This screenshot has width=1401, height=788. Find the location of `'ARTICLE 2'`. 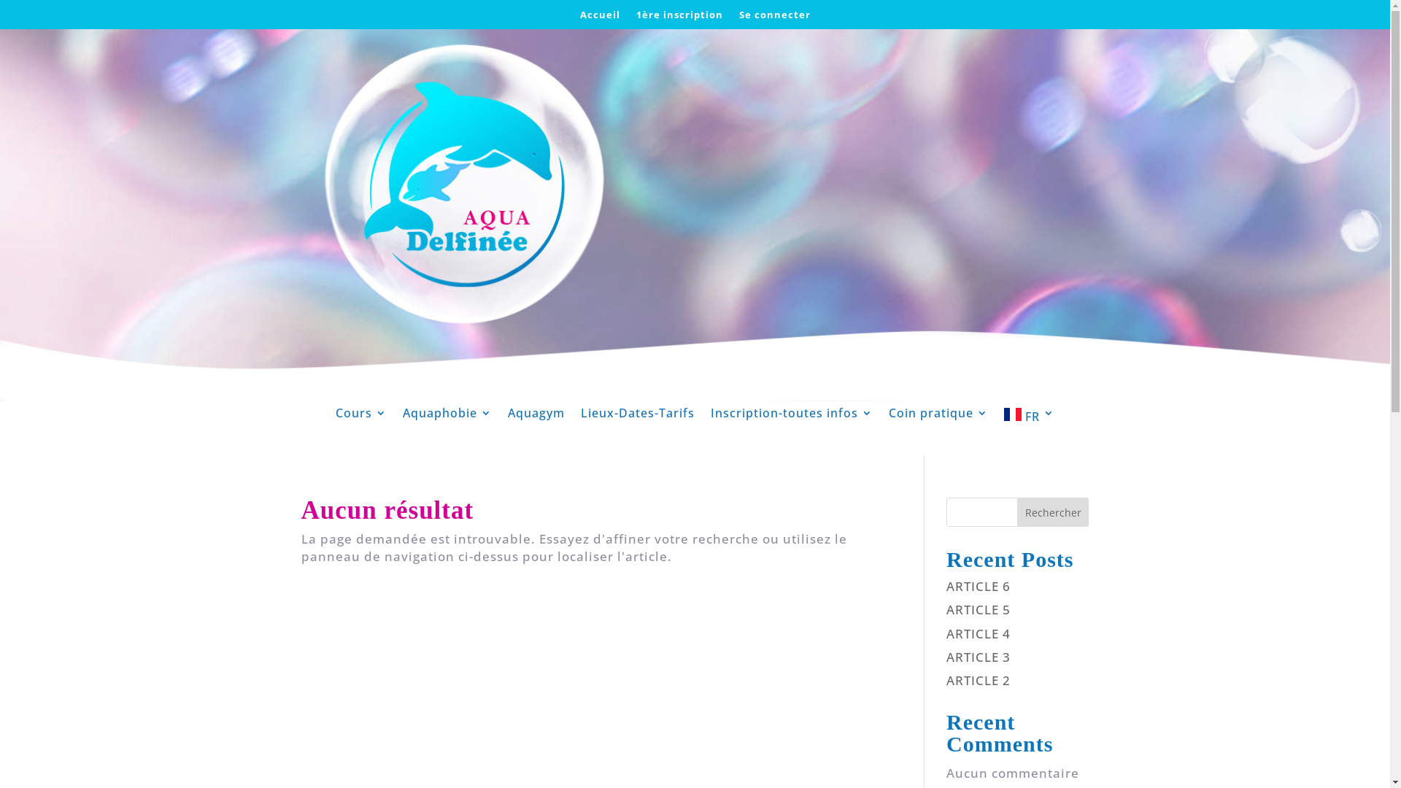

'ARTICLE 2' is located at coordinates (978, 680).